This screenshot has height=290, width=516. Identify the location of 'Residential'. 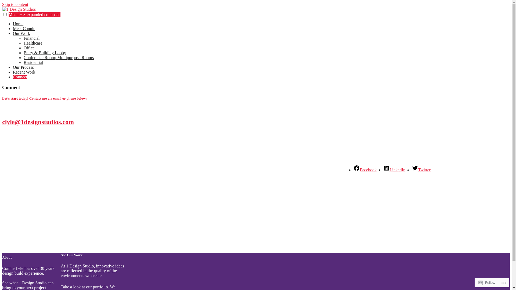
(33, 62).